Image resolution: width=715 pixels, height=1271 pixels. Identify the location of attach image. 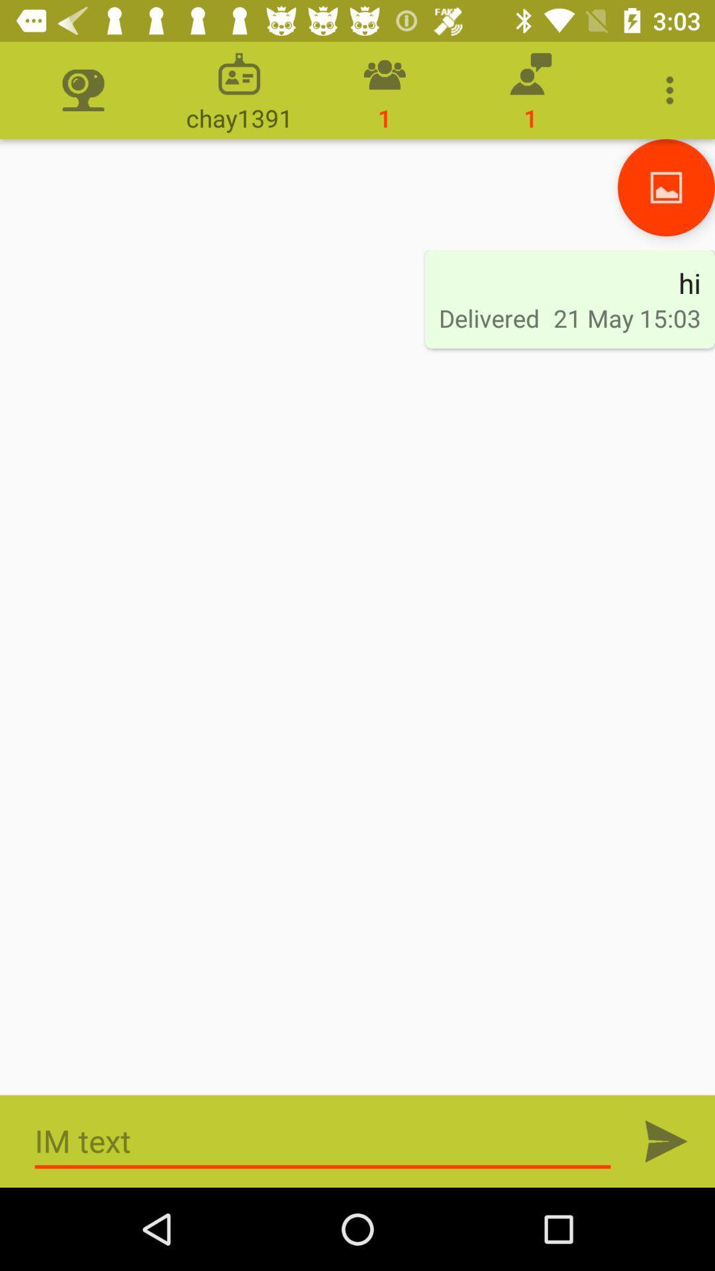
(666, 187).